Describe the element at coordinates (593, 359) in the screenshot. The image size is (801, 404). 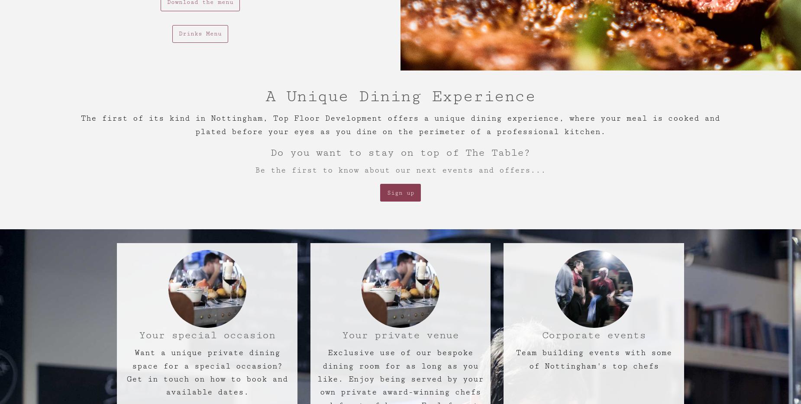
I see `'Team building events with some of Nottingham's top chefs'` at that location.